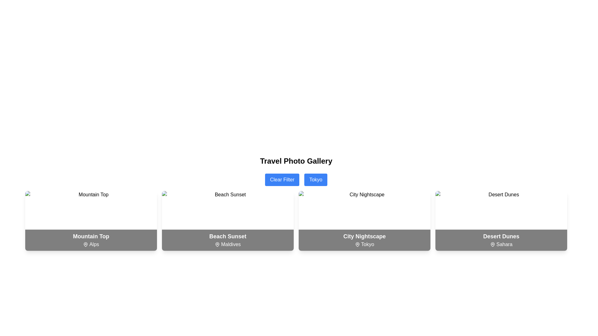 This screenshot has height=336, width=598. What do you see at coordinates (501, 244) in the screenshot?
I see `the label that reads 'Sahara' with white text on a gray background, located at the bottom-center of the 'Desert Dunes' card in the footer section` at bounding box center [501, 244].